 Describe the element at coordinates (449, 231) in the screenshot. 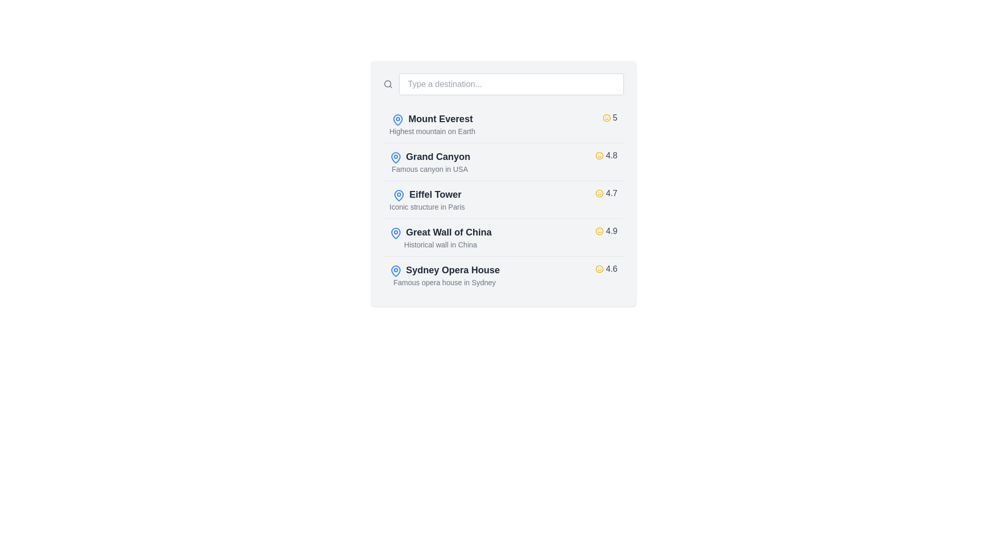

I see `the text label representing the Great Wall of China, which is the main title in the fourth position of the vertical list` at that location.